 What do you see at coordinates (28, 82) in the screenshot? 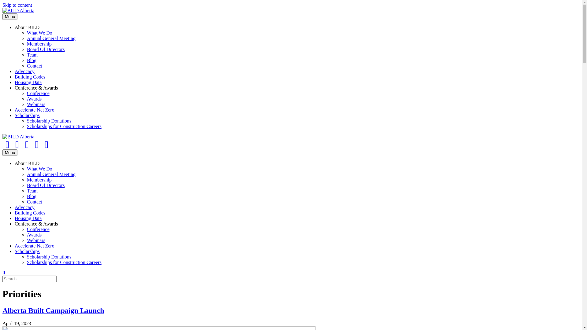
I see `'Housing Data'` at bounding box center [28, 82].